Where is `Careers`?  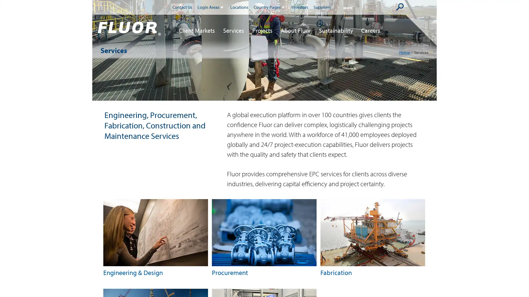 Careers is located at coordinates (371, 27).